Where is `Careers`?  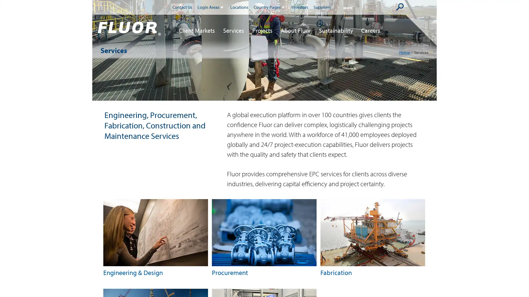 Careers is located at coordinates (371, 27).